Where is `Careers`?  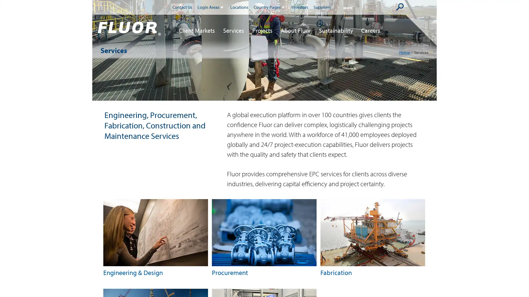 Careers is located at coordinates (371, 27).